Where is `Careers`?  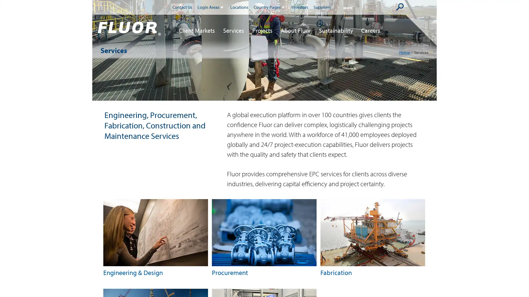 Careers is located at coordinates (371, 27).